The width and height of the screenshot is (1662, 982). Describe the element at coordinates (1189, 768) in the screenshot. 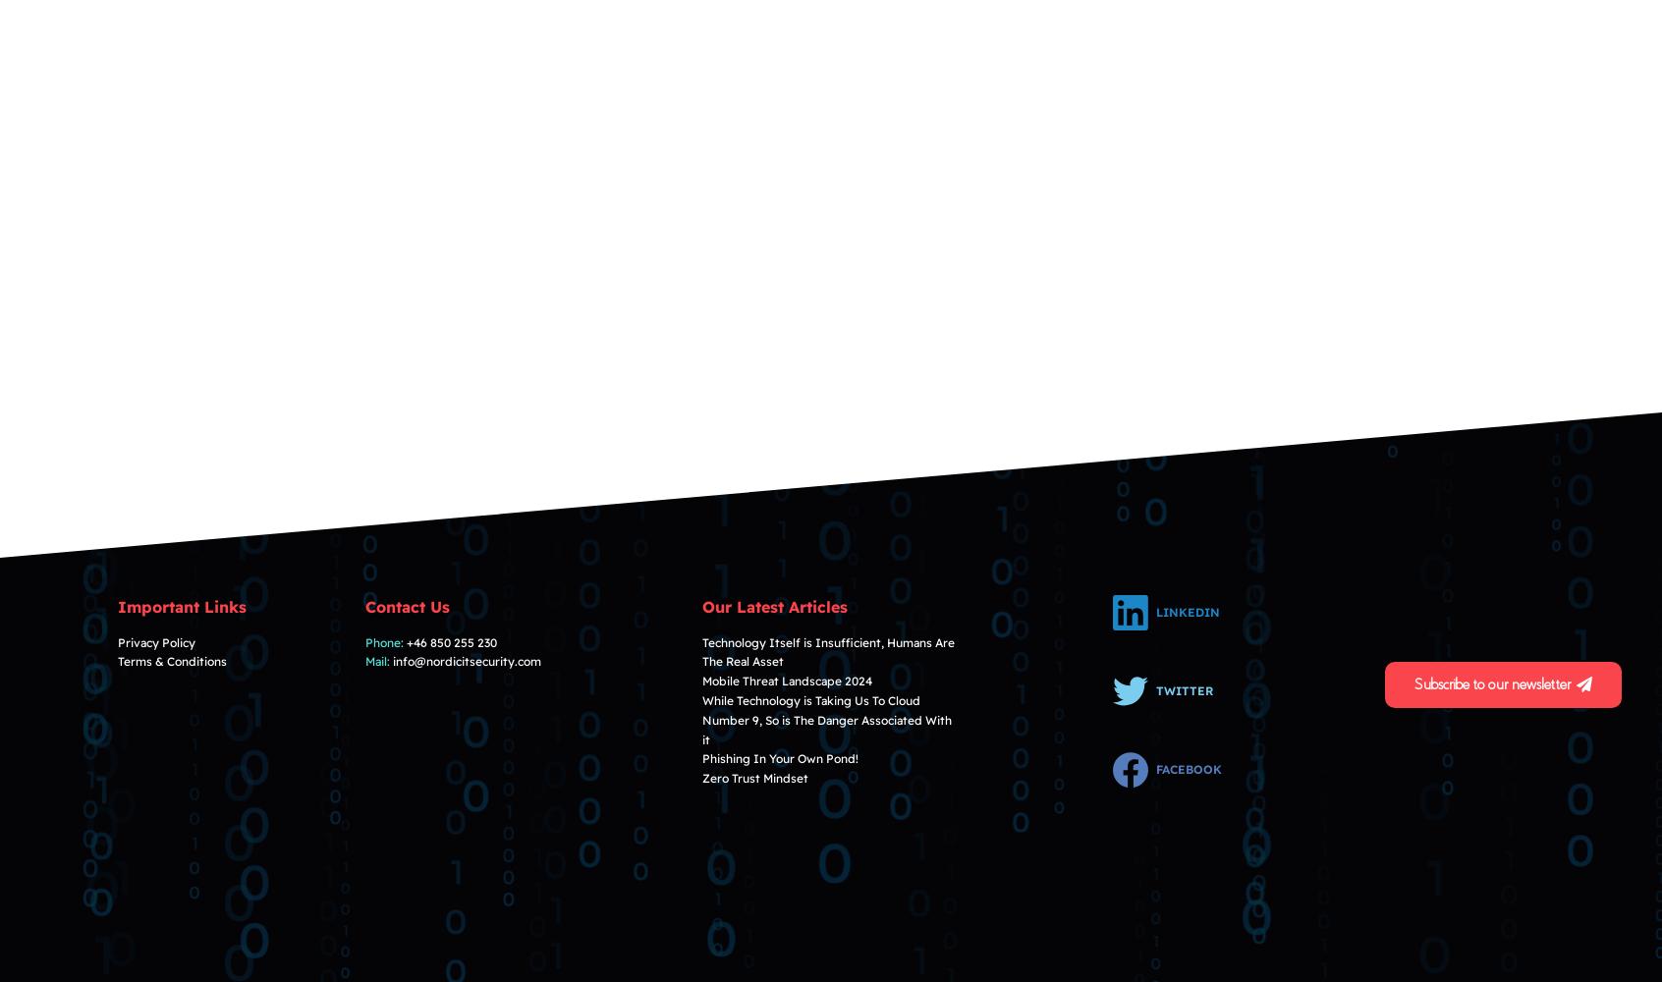

I see `'Facebook'` at that location.